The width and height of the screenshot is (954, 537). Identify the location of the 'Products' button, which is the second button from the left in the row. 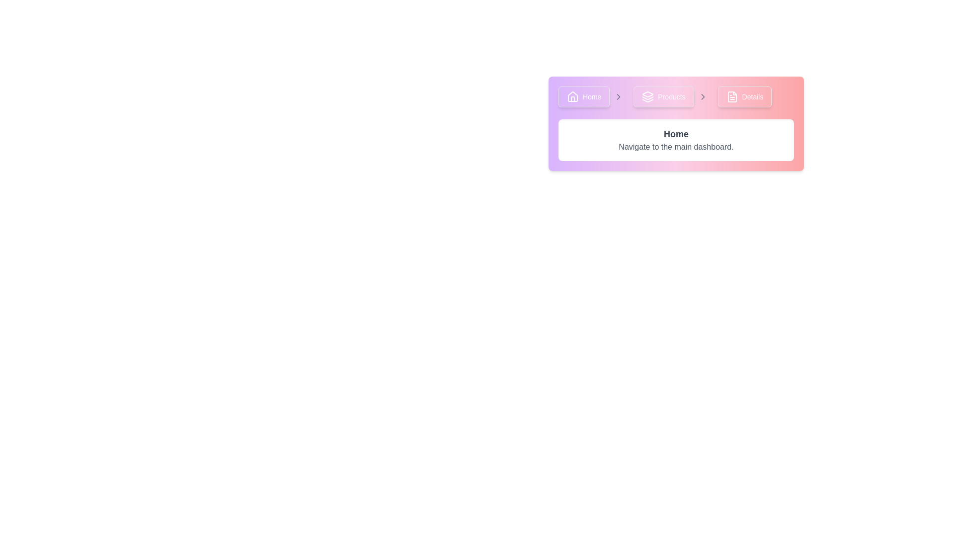
(663, 97).